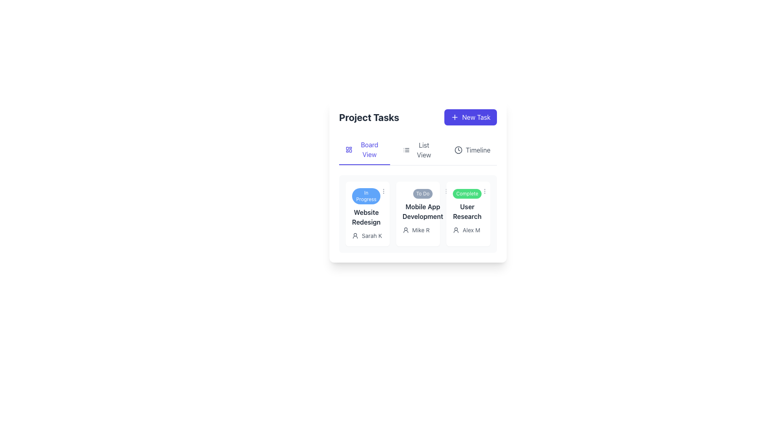 The image size is (777, 437). I want to click on the third interactive item in the 'Project Tasks' menu, which is an option to switch to a list-based layout for displaying project tasks, so click(423, 150).